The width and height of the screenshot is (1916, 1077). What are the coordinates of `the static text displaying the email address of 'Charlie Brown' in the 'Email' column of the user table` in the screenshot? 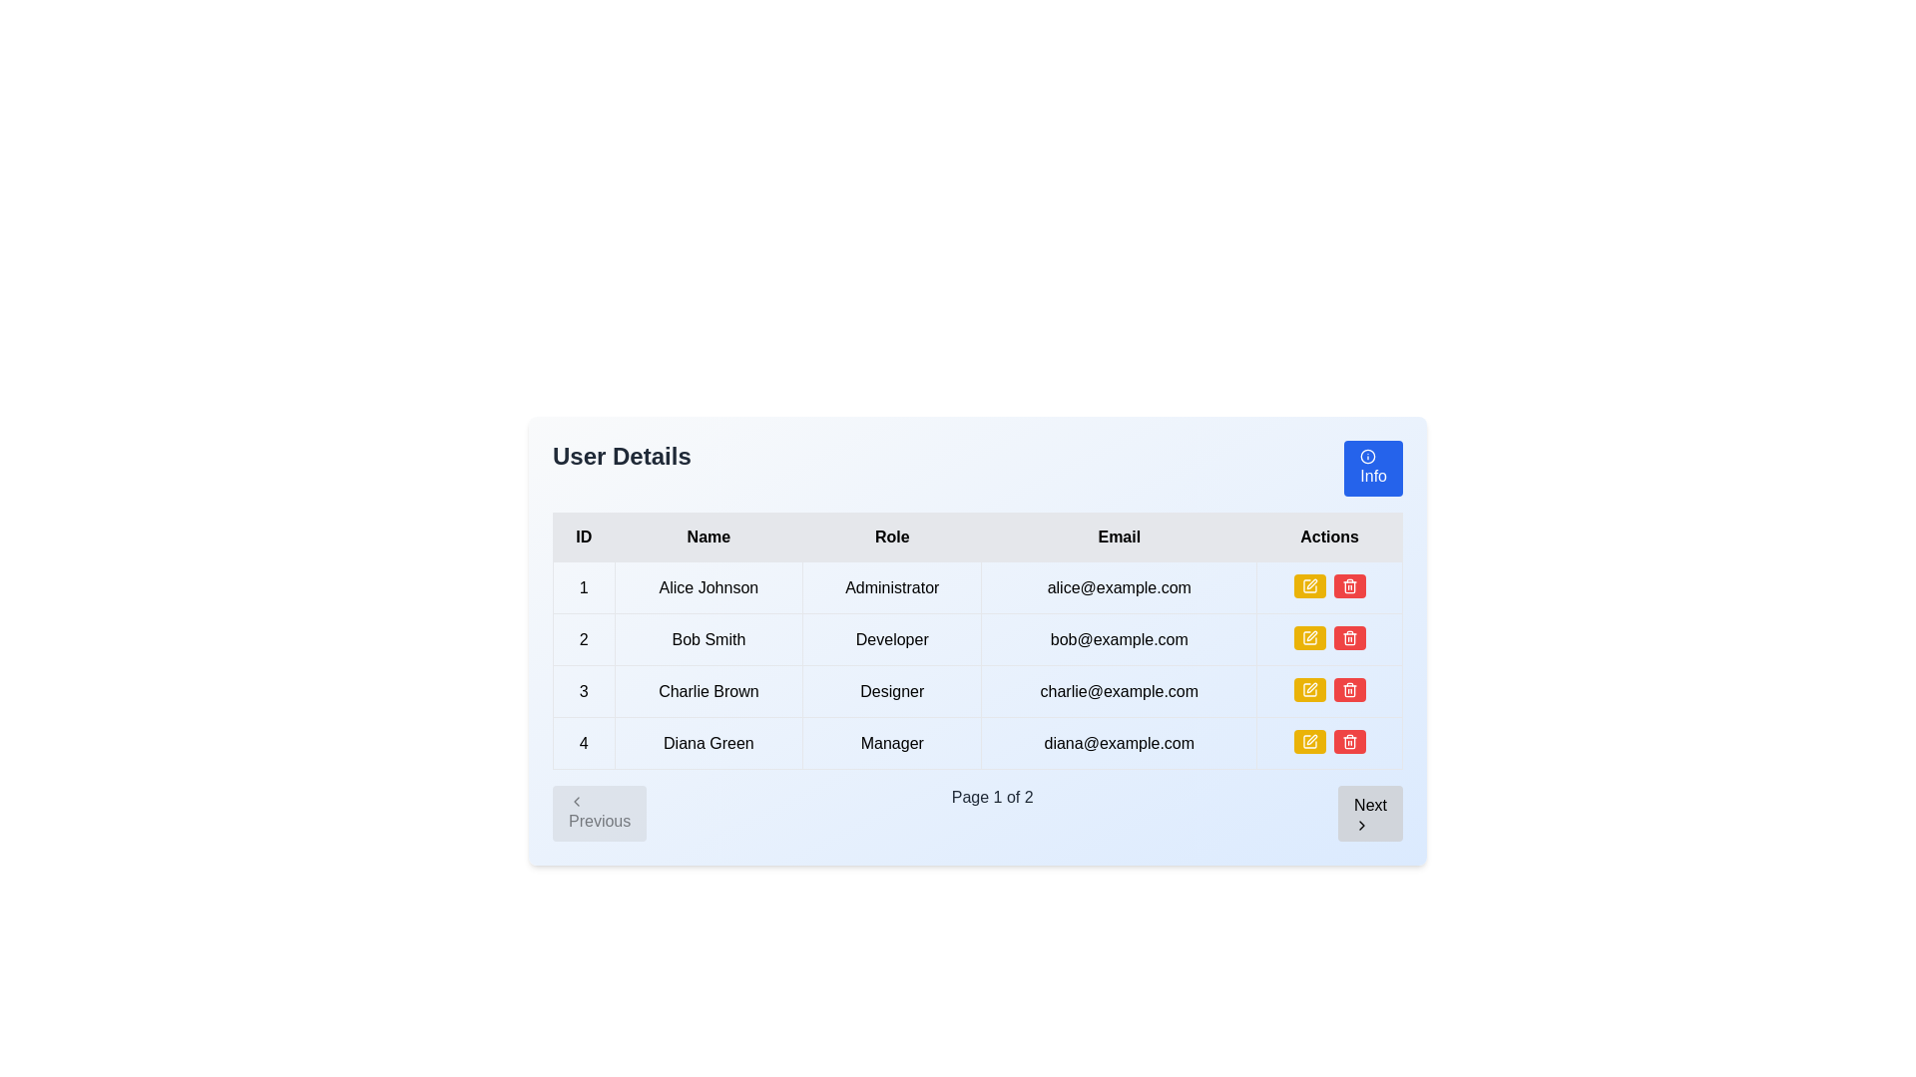 It's located at (1119, 690).